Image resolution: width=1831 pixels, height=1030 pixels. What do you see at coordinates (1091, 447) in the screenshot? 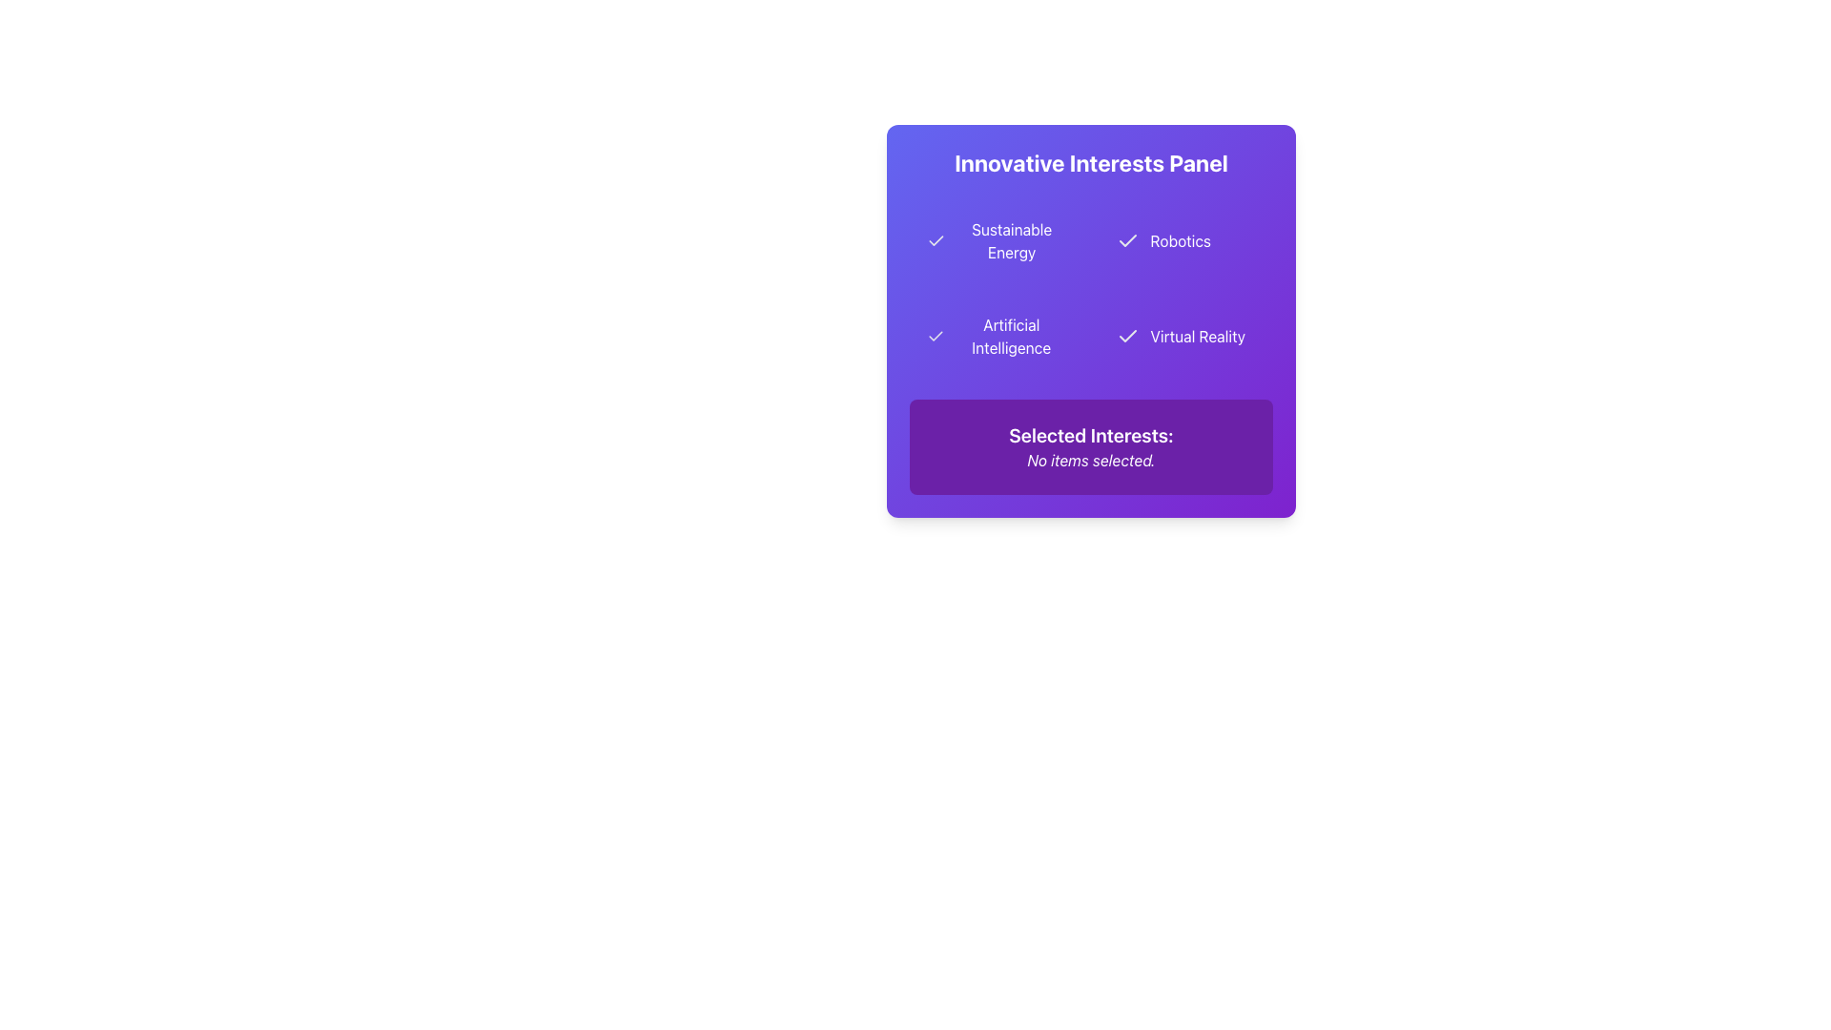
I see `the Static informational panel that displays the user's selected interests, located at the bottom center of the 'Innovative Interests Panel'` at bounding box center [1091, 447].